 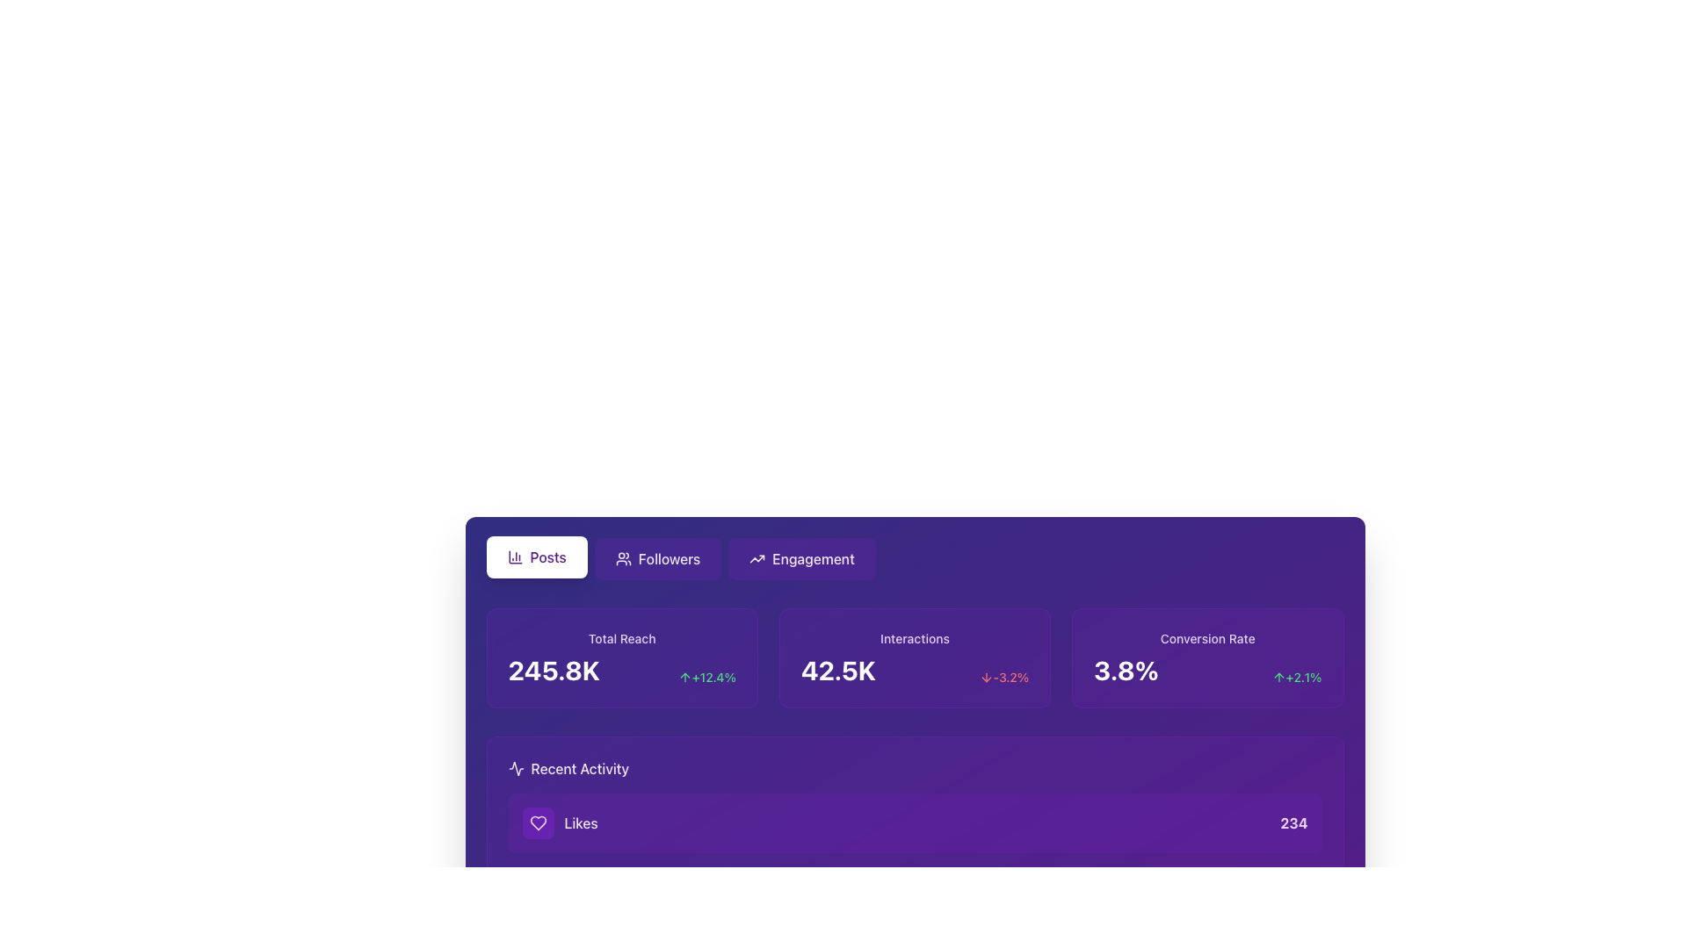 I want to click on displayed metric value '245.8K' and percentage change '+12.4%' from the Metric display within the purple card titled 'Total Reach' located in the top-left corner of the dashboard, so click(x=622, y=670).